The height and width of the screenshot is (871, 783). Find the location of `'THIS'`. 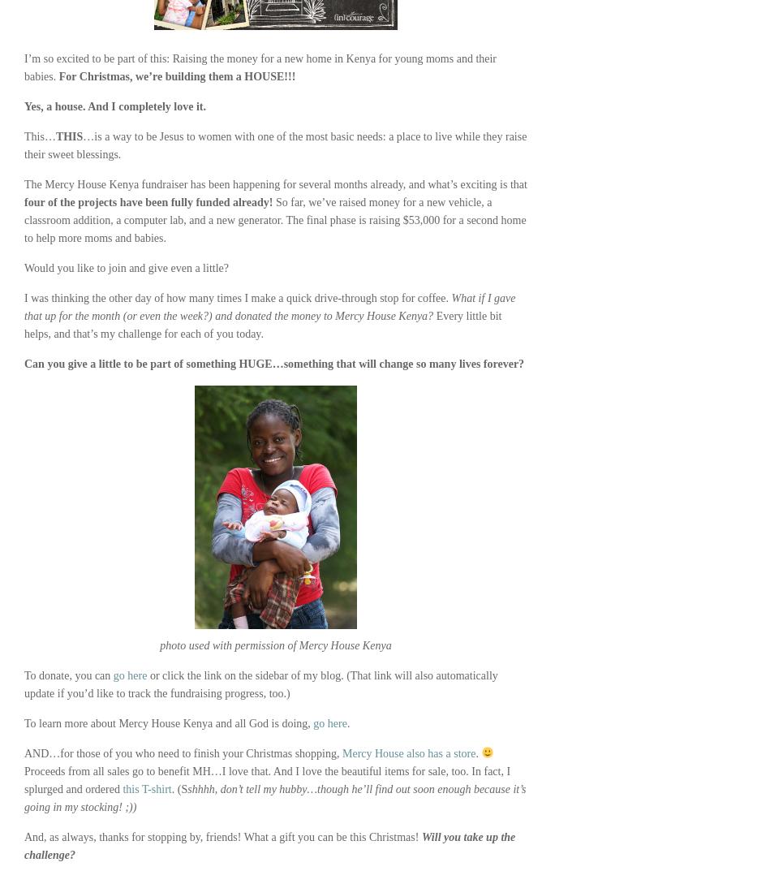

'THIS' is located at coordinates (68, 136).